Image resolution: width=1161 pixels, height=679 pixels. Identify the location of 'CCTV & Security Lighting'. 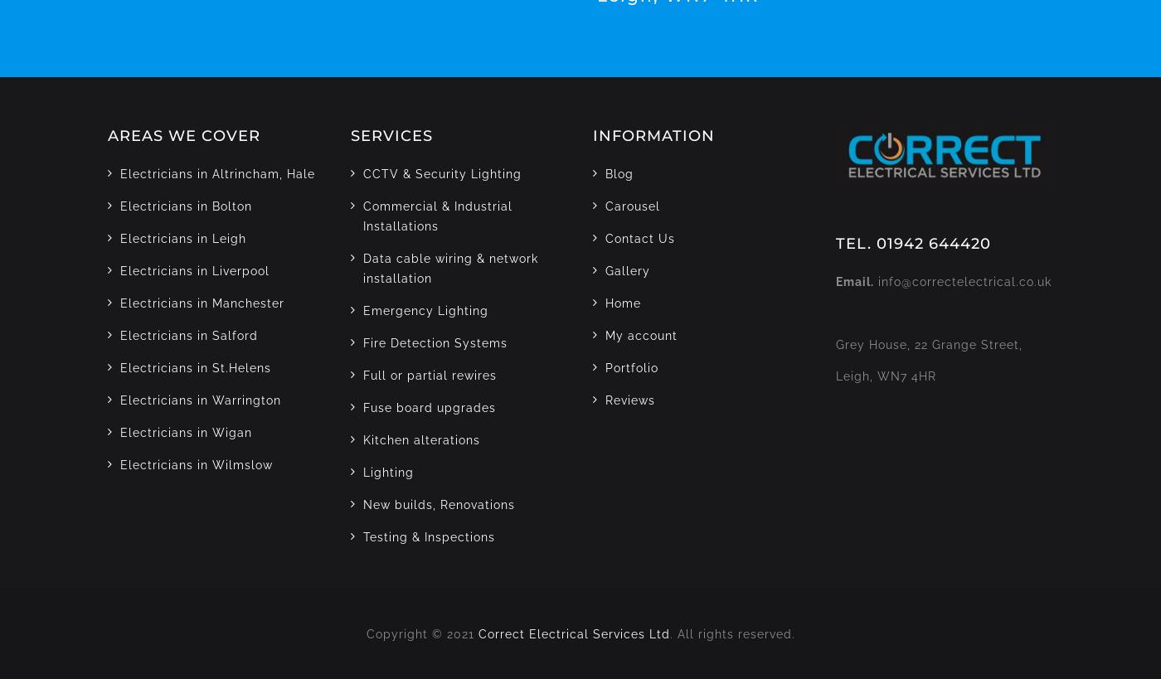
(362, 173).